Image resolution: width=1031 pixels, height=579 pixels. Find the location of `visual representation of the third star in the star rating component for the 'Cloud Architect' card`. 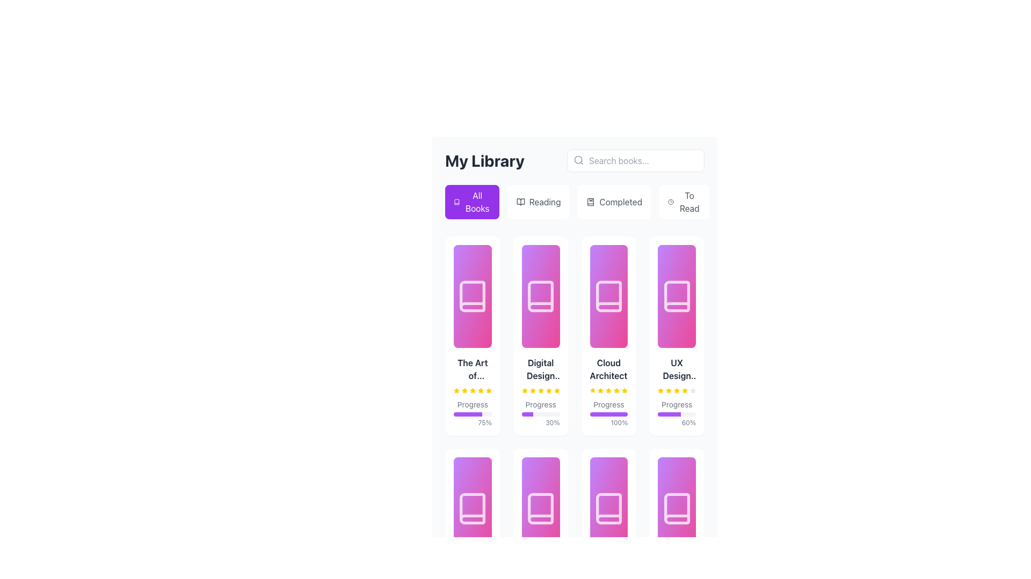

visual representation of the third star in the star rating component for the 'Cloud Architect' card is located at coordinates (600, 391).